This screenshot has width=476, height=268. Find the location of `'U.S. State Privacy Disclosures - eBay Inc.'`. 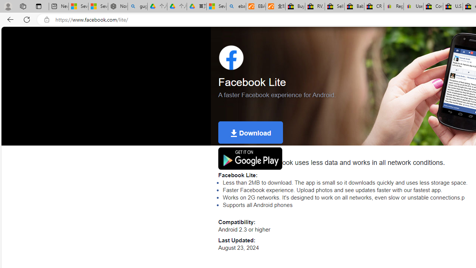

'U.S. State Privacy Disclosures - eBay Inc.' is located at coordinates (452, 6).